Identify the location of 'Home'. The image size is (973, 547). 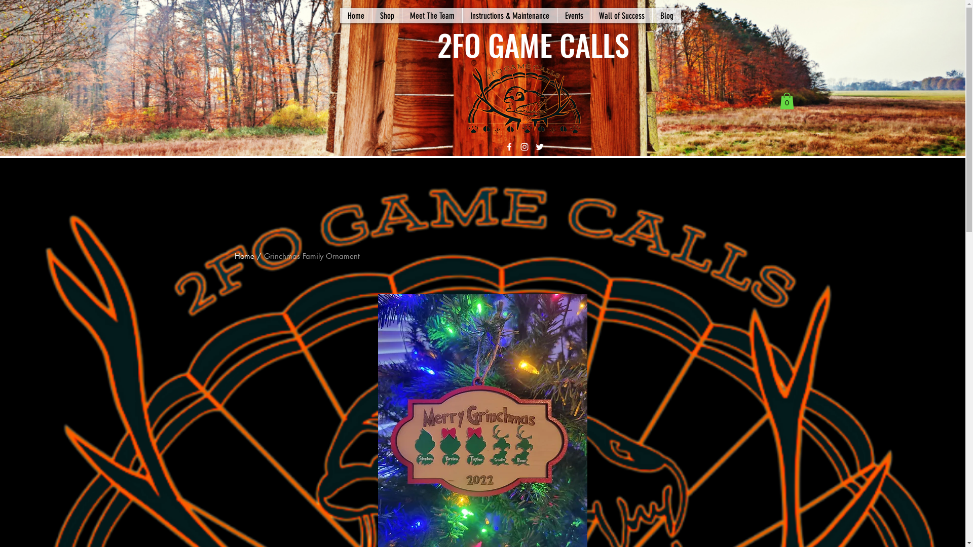
(356, 15).